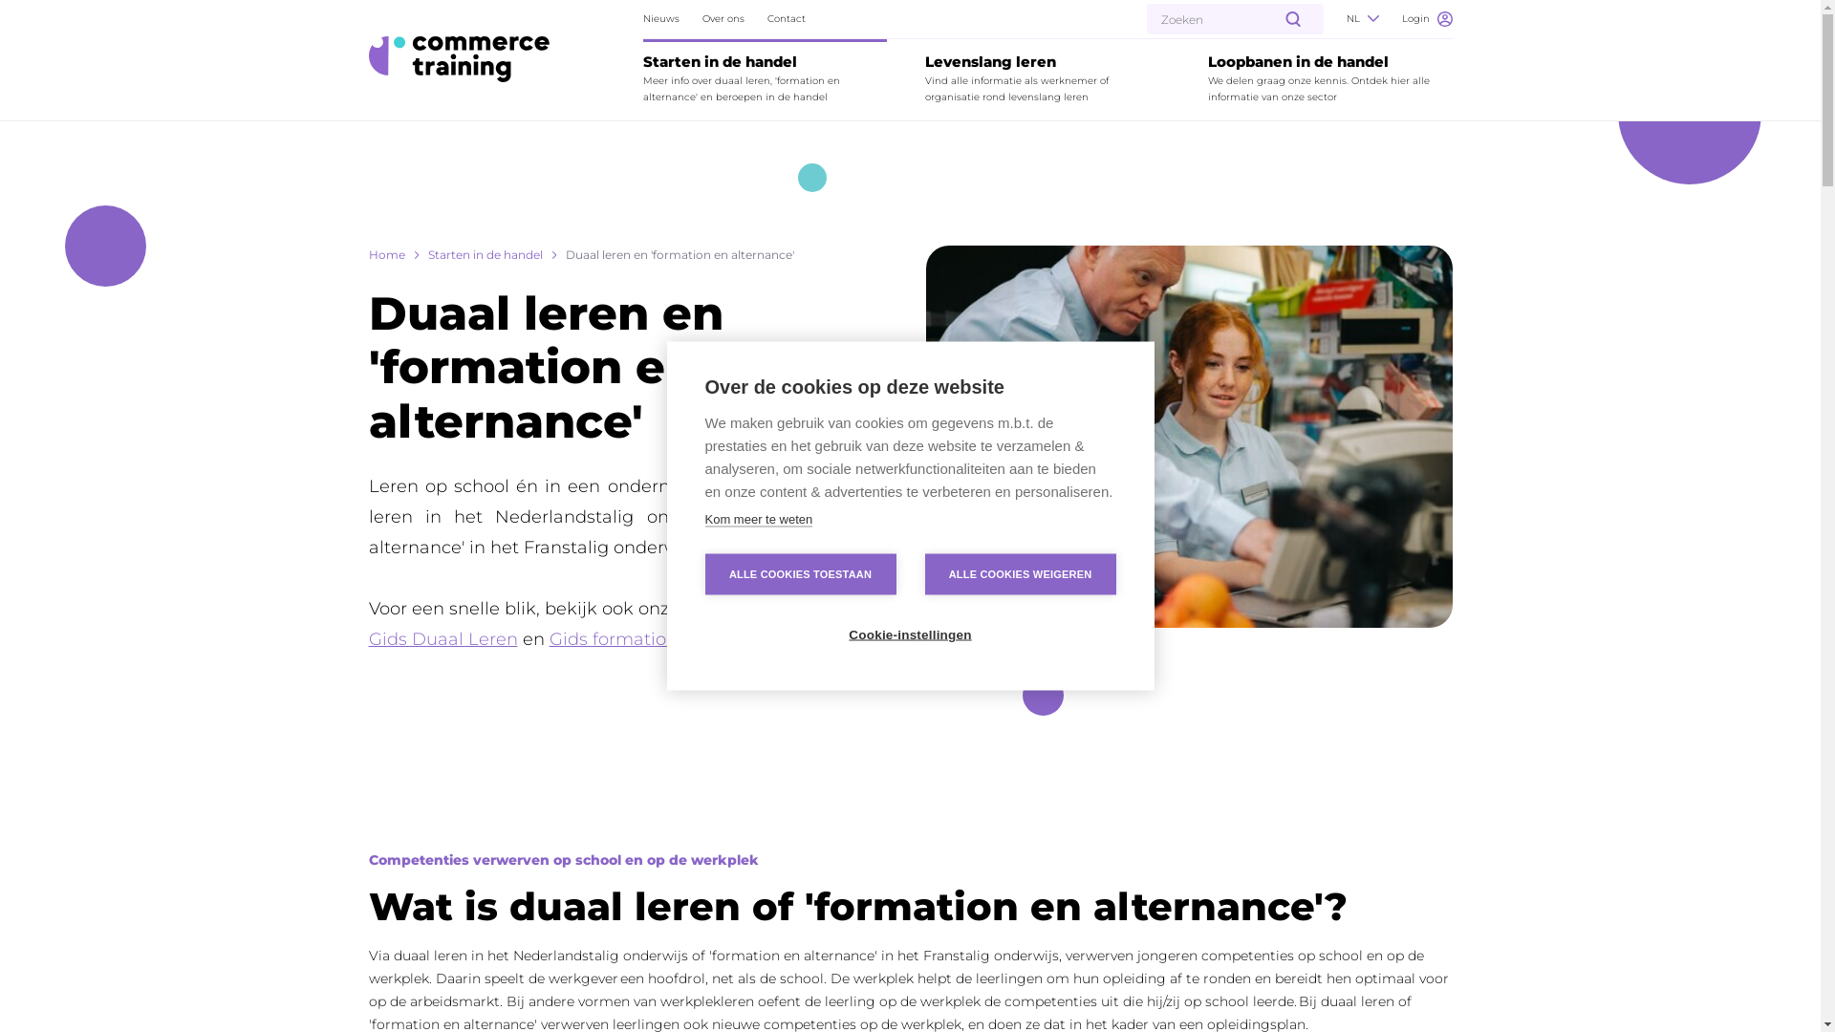 The image size is (1835, 1032). I want to click on 'Nieuws', so click(642, 18).